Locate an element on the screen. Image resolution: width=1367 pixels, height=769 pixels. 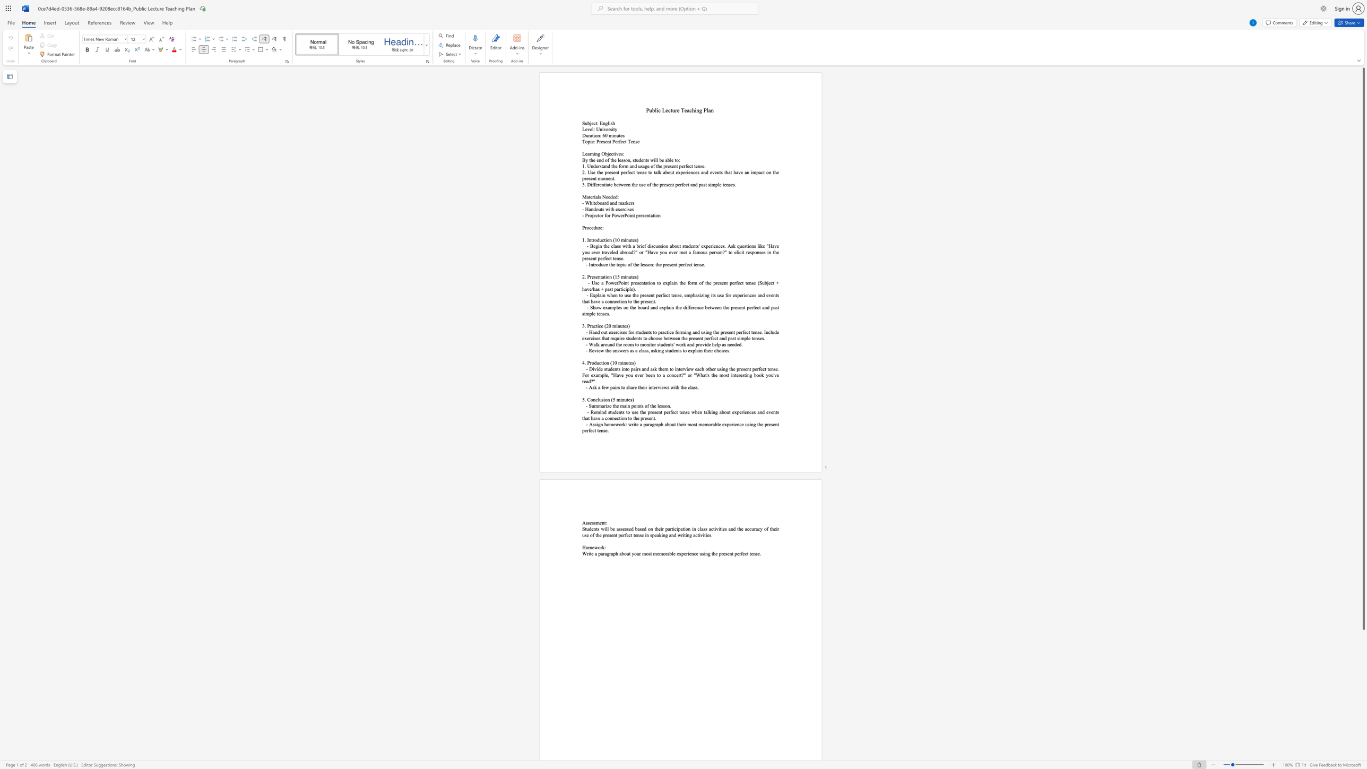
the subset text "an" within the text "Public Lecture Teaching Plan" is located at coordinates (708, 110).